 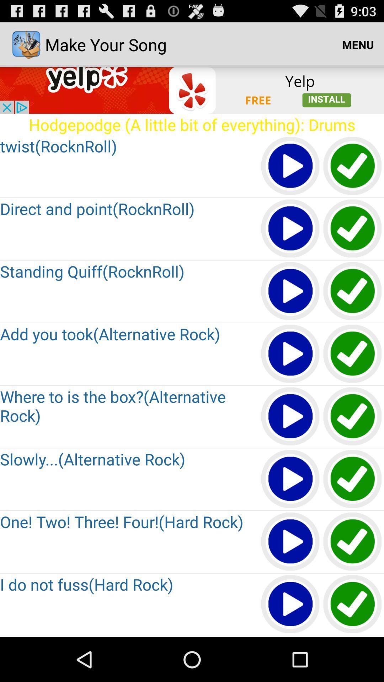 What do you see at coordinates (290, 637) in the screenshot?
I see `go down` at bounding box center [290, 637].